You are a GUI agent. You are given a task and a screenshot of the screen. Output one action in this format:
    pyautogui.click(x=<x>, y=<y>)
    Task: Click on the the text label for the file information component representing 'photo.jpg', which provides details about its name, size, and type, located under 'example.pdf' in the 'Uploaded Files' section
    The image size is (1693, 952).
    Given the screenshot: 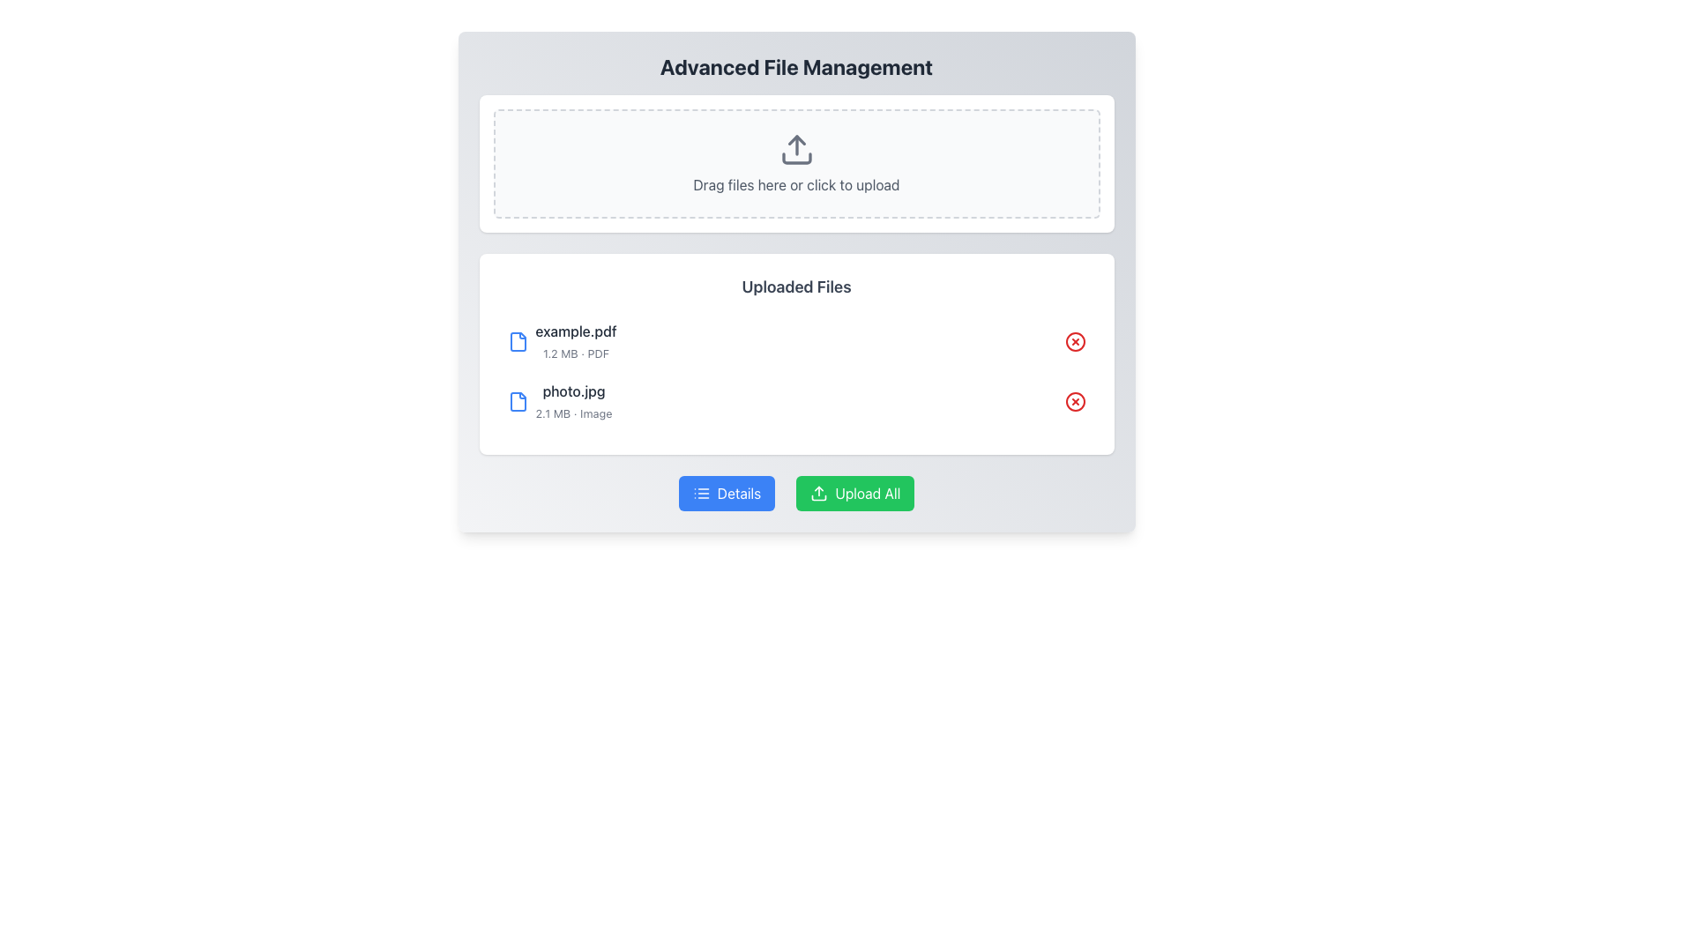 What is the action you would take?
    pyautogui.click(x=574, y=401)
    